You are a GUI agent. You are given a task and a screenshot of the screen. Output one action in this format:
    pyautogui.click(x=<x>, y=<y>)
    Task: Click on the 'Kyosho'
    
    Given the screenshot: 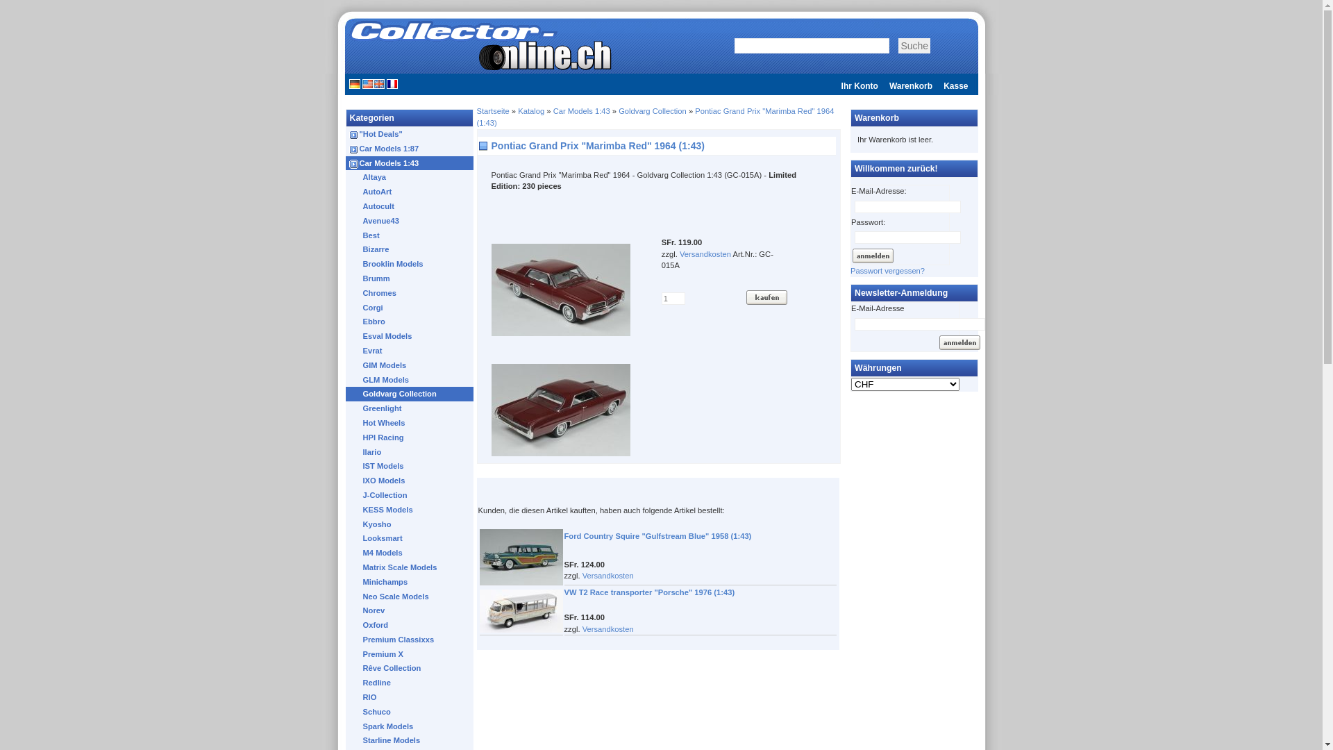 What is the action you would take?
    pyautogui.click(x=411, y=524)
    